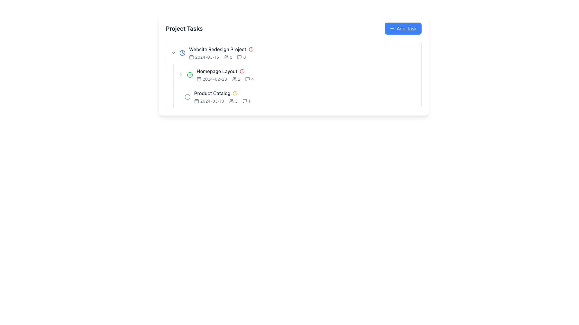  I want to click on the icon representing the number of users or participants associated with the 'Product Catalog' task, which is the leftmost item in a horizontal grouping on the far-right side of the row for 'Product Catalog' in the 'Project Tasks' list, so click(231, 101).